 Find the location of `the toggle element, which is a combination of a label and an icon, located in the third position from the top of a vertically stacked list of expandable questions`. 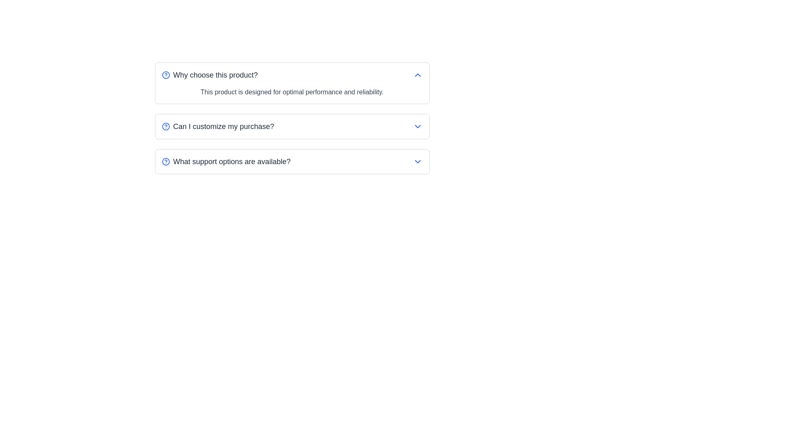

the toggle element, which is a combination of a label and an icon, located in the third position from the top of a vertically stacked list of expandable questions is located at coordinates (226, 162).